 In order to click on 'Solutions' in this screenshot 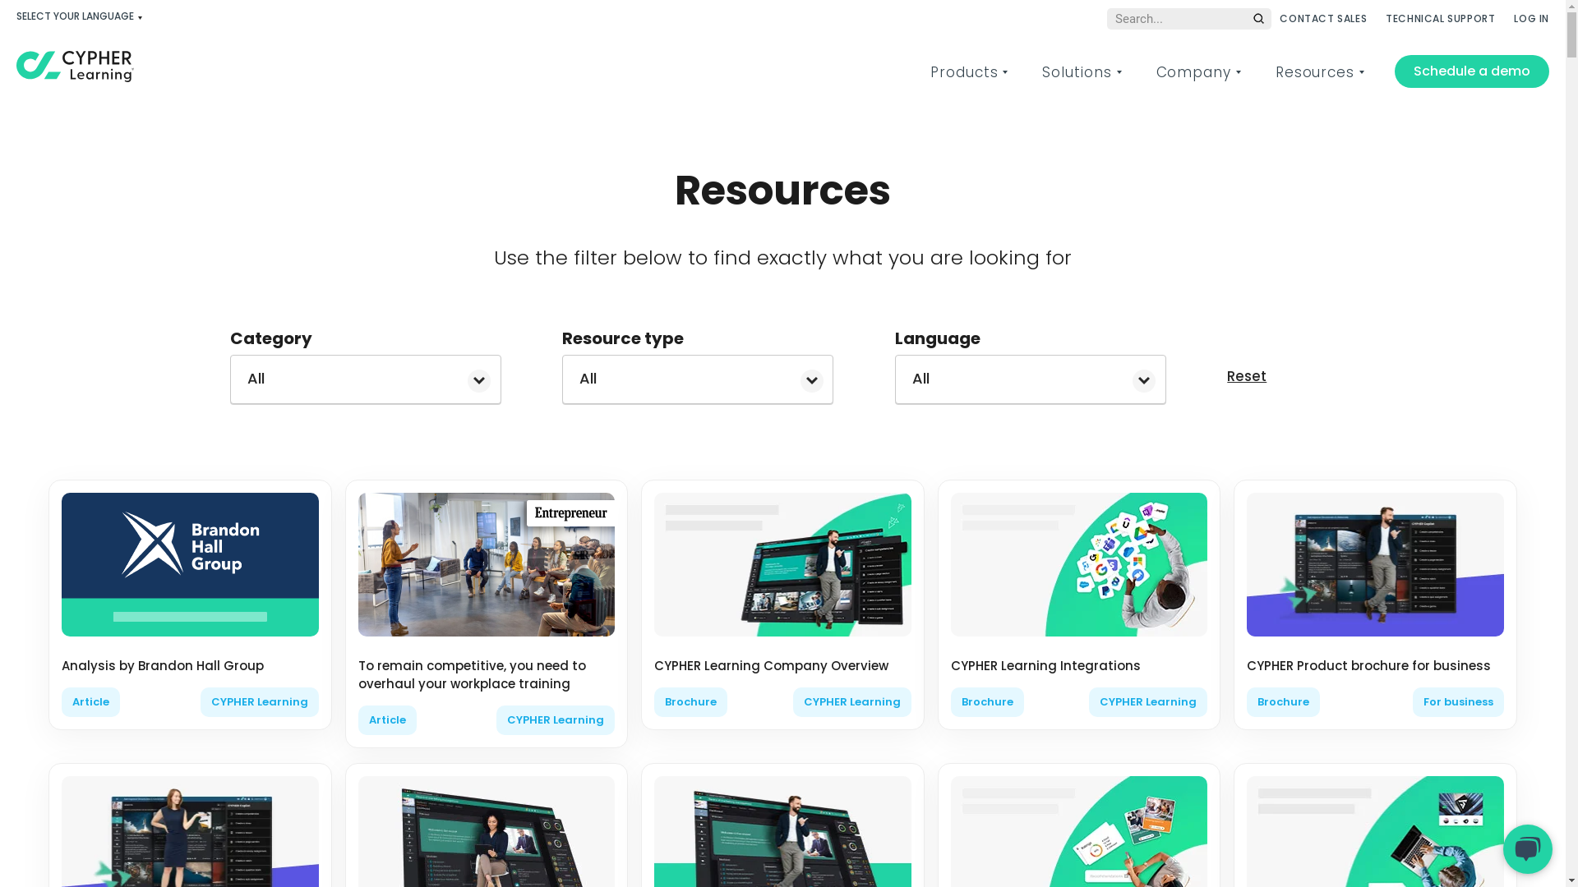, I will do `click(1077, 71)`.